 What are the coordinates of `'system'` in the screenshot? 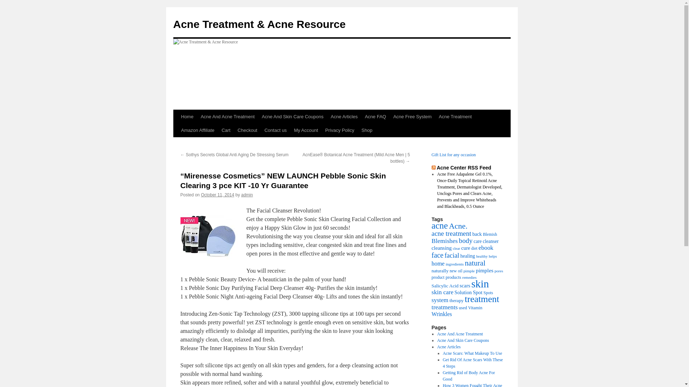 It's located at (439, 300).